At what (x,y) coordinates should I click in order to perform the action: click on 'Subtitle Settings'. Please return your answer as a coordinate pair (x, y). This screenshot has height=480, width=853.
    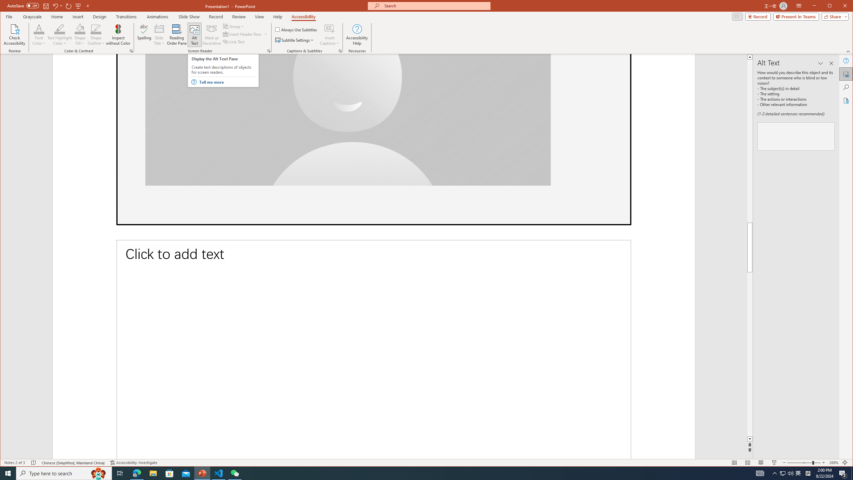
    Looking at the image, I should click on (295, 40).